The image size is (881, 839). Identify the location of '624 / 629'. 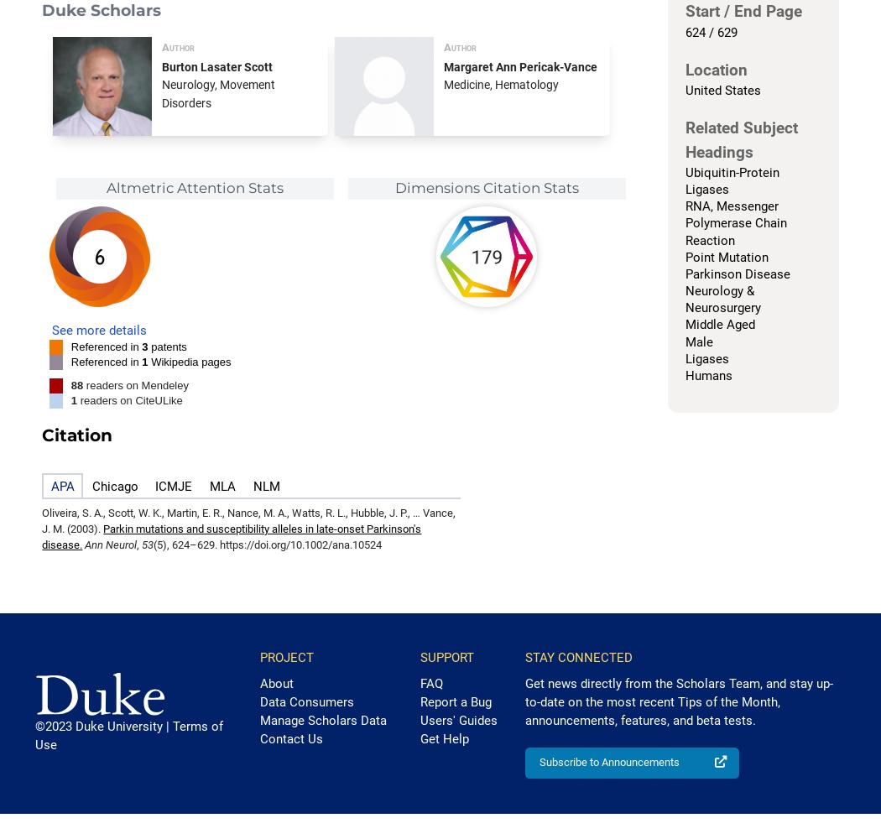
(683, 32).